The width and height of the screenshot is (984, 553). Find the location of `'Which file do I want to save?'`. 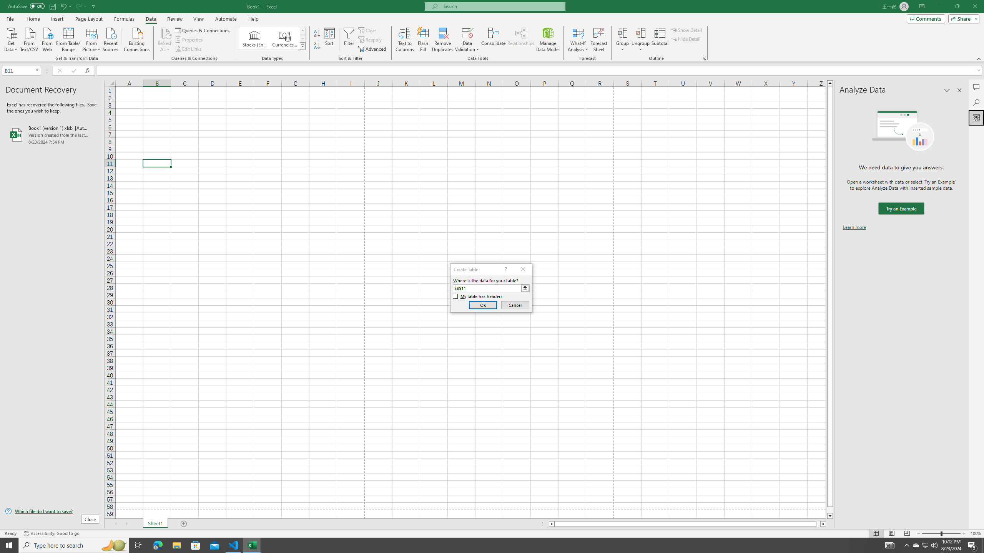

'Which file do I want to save?' is located at coordinates (52, 512).